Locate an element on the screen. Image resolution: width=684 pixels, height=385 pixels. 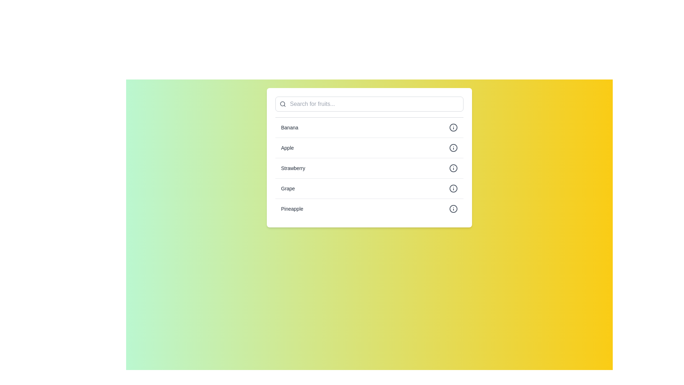
the circular gray outlined icon containing the 'info' glyph located at the far-right of the 'Pineapple' list item is located at coordinates (453, 209).